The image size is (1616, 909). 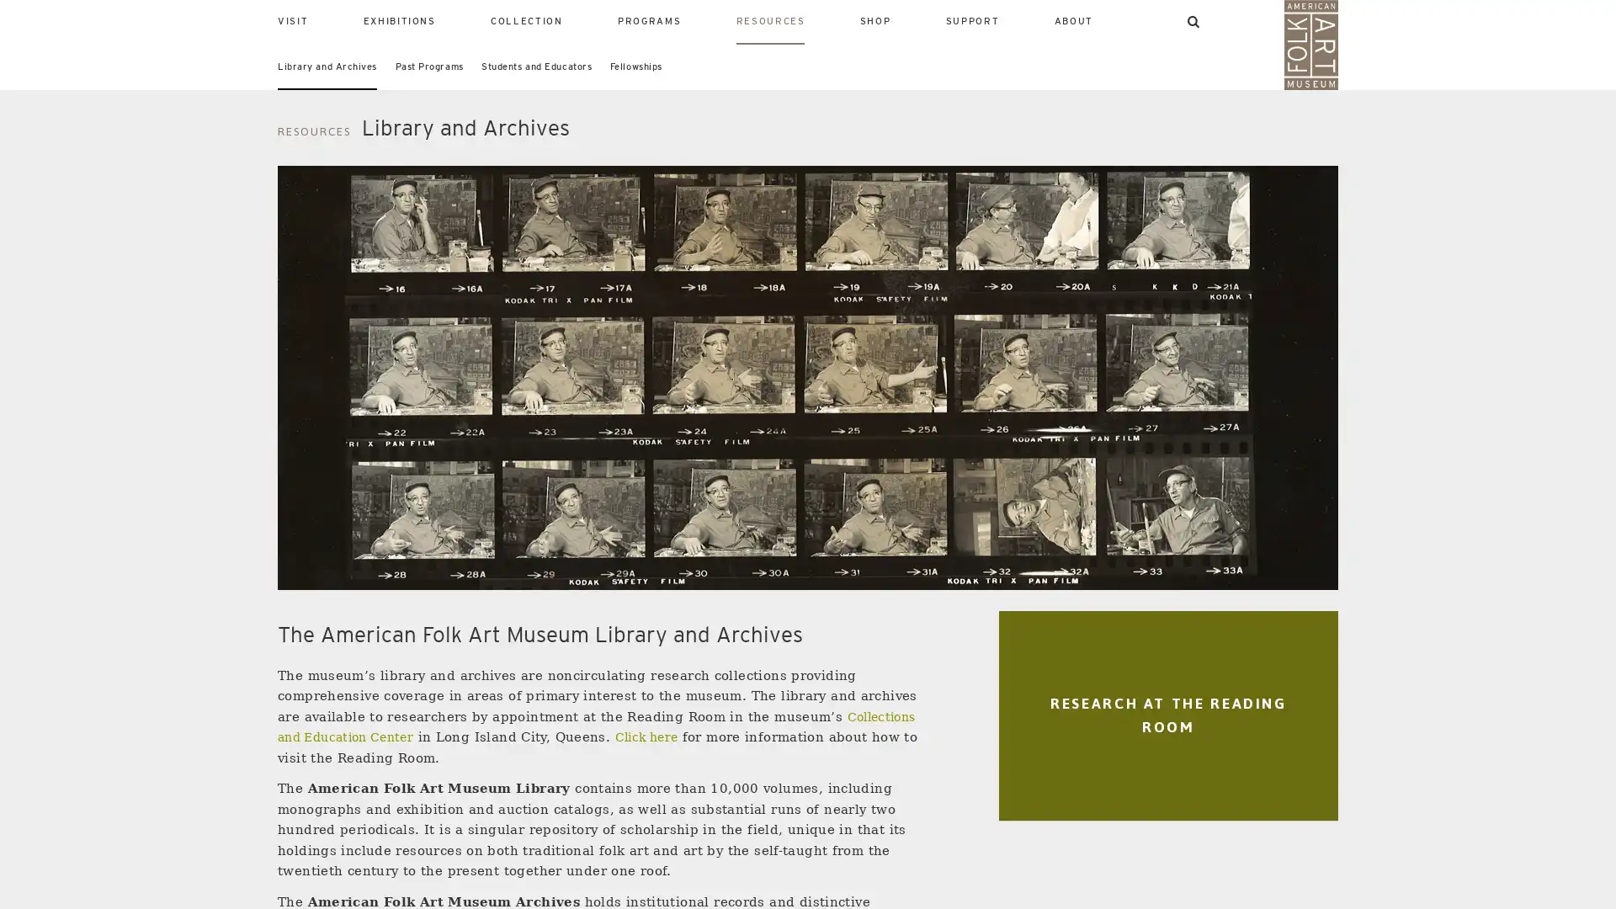 What do you see at coordinates (1294, 123) in the screenshot?
I see `SEARCH` at bounding box center [1294, 123].